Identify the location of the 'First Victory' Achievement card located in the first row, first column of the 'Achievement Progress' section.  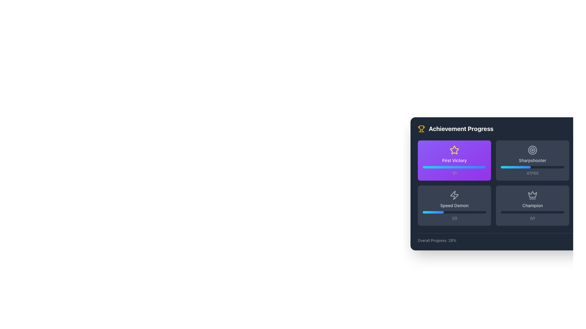
(454, 160).